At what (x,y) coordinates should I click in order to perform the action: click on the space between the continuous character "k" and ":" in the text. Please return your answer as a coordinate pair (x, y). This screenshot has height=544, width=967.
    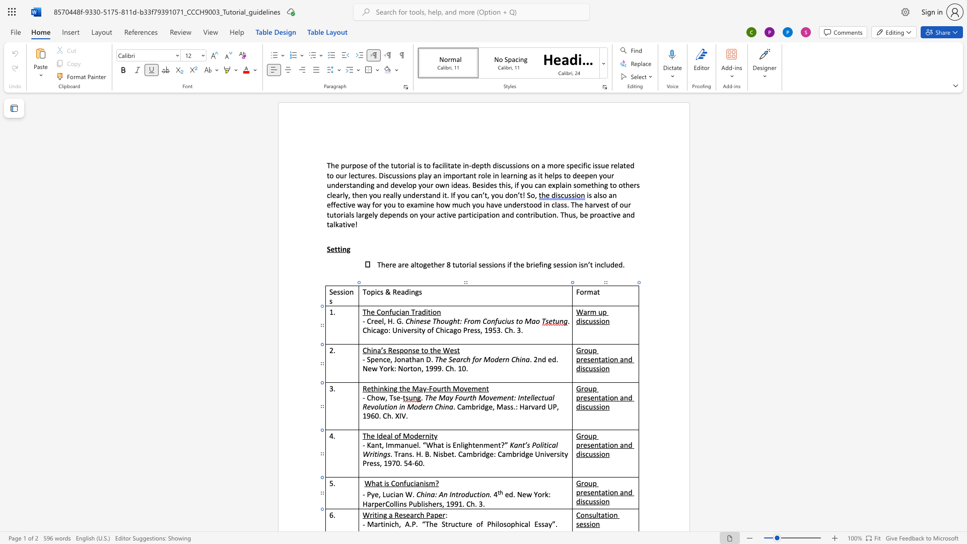
    Looking at the image, I should click on (547, 494).